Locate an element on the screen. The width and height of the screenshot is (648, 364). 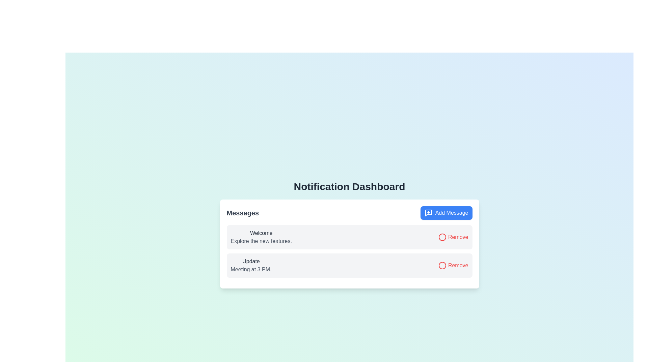
the text label displaying 'Update' in a bold, medium-gray font, located in the middle-left section of a notification message is located at coordinates (251, 261).